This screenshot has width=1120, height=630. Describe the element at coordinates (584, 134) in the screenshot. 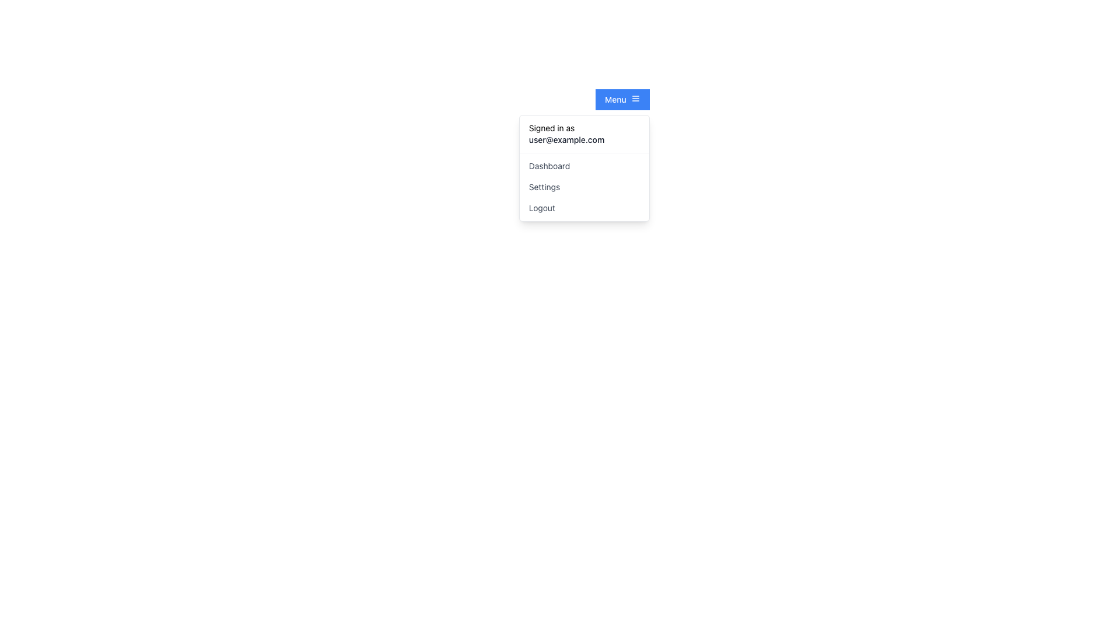

I see `the text display that shows the user's signed-in email address, which is the first item in the dropdown menu below the 'Menu' button` at that location.